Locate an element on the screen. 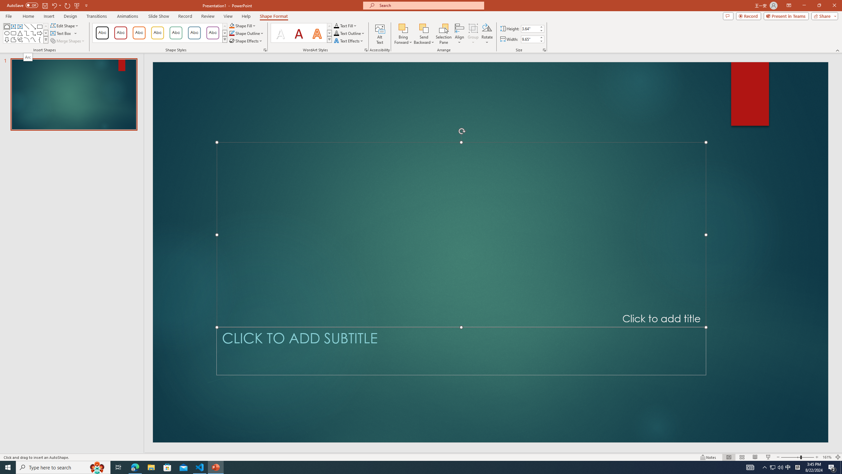  'Bring Forward' is located at coordinates (404, 34).